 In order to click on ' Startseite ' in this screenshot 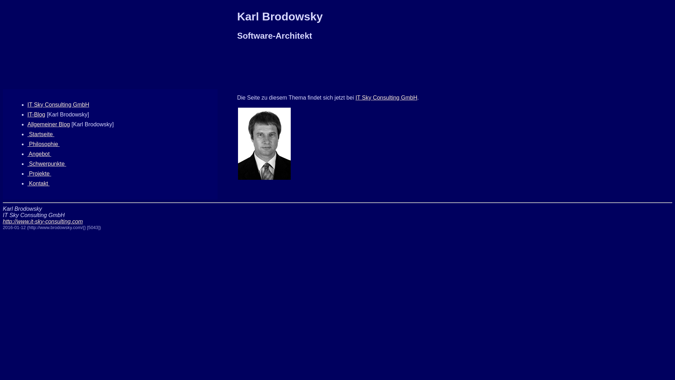, I will do `click(40, 134)`.